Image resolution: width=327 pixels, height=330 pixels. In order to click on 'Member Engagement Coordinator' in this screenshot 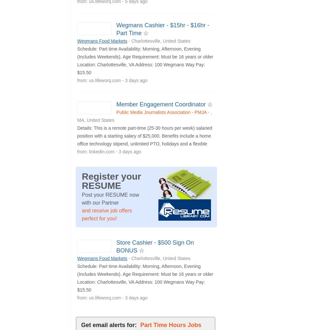, I will do `click(162, 103)`.